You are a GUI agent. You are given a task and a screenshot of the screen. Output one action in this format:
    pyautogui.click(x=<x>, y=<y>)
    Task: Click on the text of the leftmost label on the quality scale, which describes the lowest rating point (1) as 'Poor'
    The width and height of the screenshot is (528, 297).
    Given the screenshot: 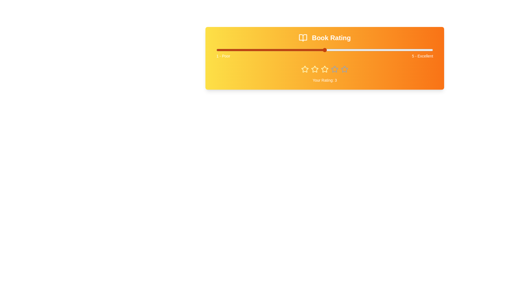 What is the action you would take?
    pyautogui.click(x=223, y=56)
    